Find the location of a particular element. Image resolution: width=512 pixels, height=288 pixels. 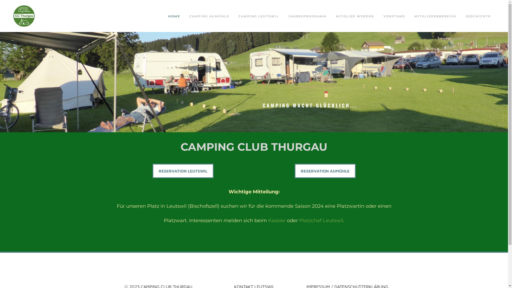

'Platzchef Leutswil' is located at coordinates (299, 220).